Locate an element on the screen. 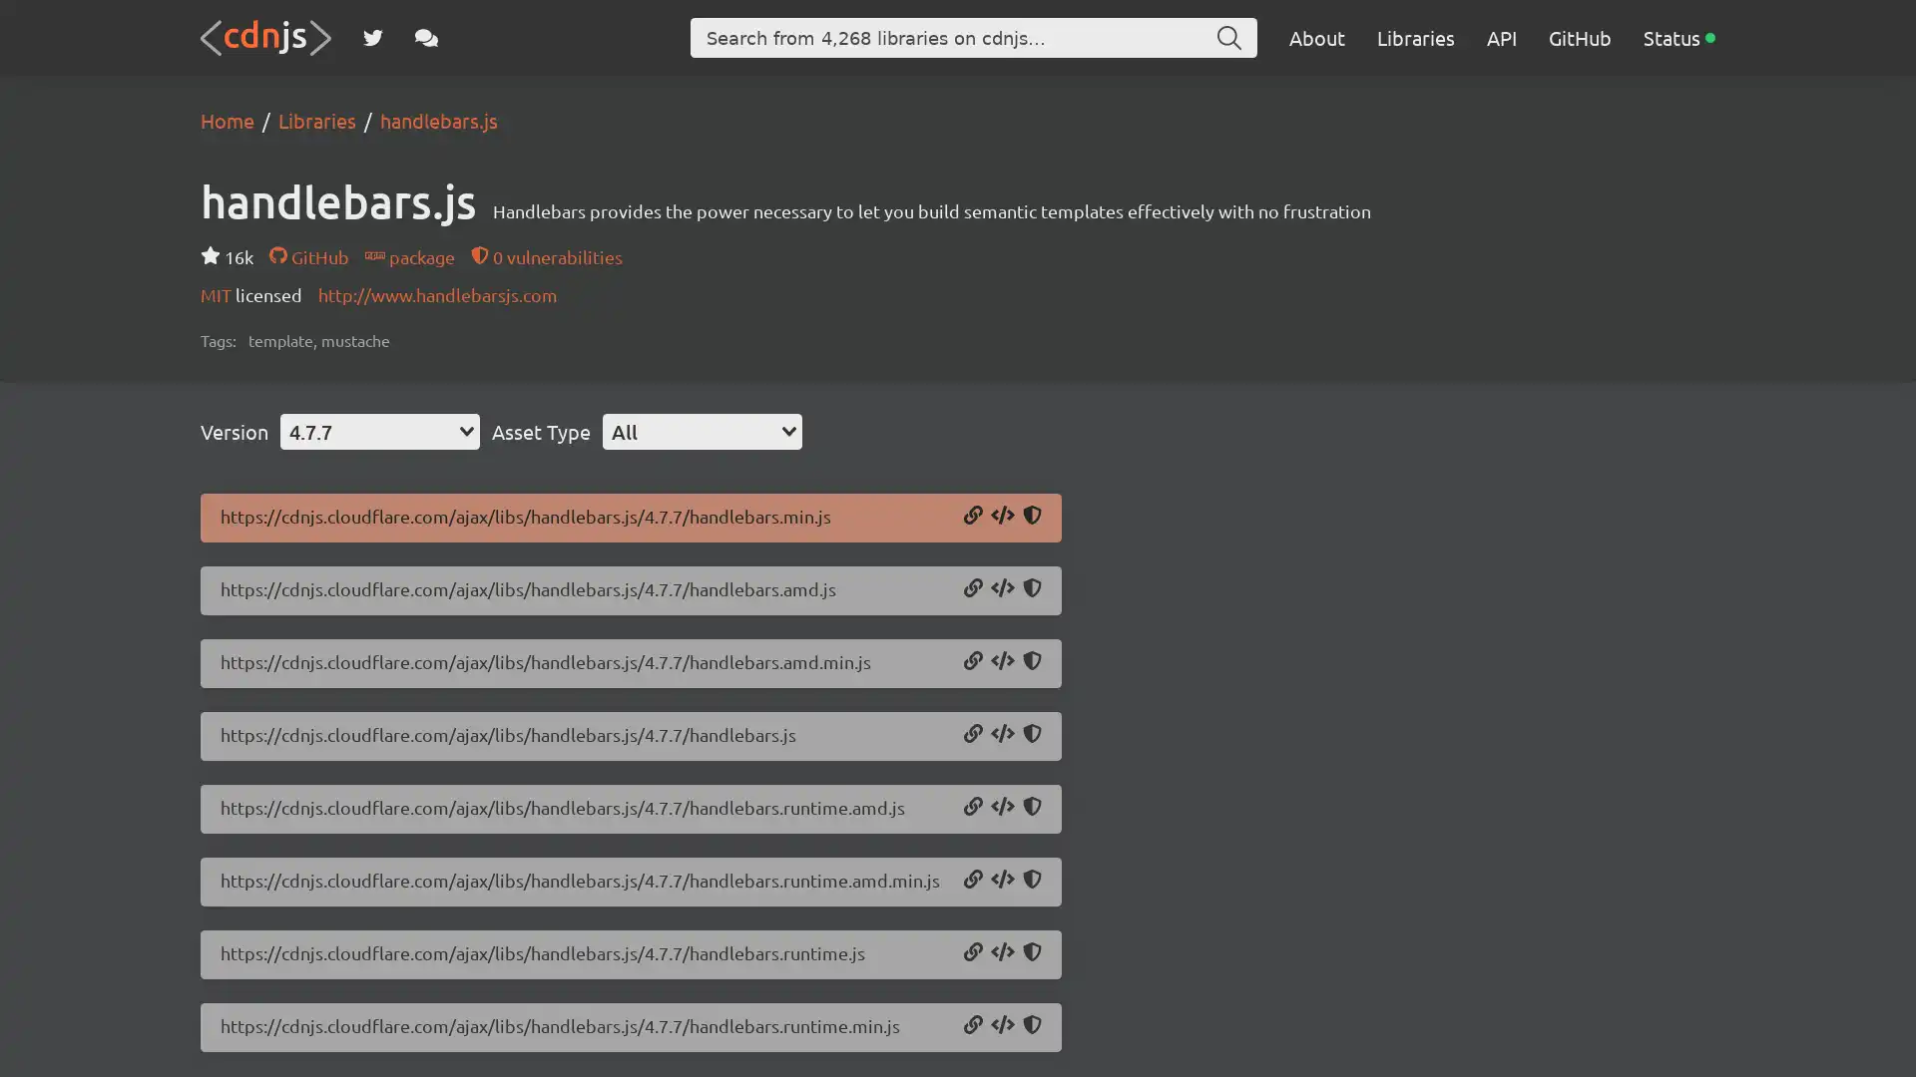 Image resolution: width=1916 pixels, height=1077 pixels. Copy Script Tag is located at coordinates (1002, 952).